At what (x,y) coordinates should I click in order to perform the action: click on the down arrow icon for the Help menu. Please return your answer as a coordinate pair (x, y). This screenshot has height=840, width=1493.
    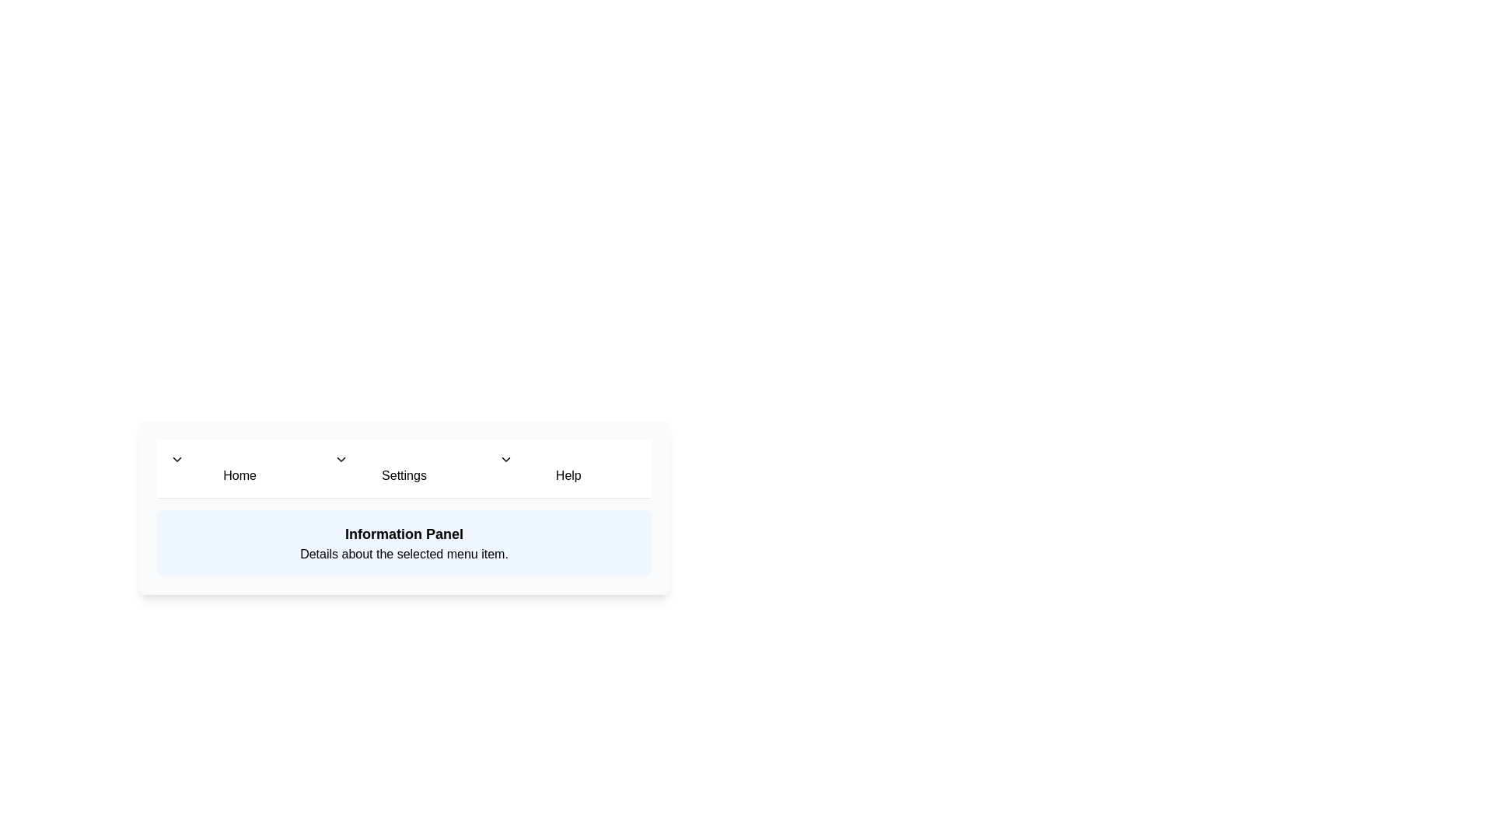
    Looking at the image, I should click on (505, 458).